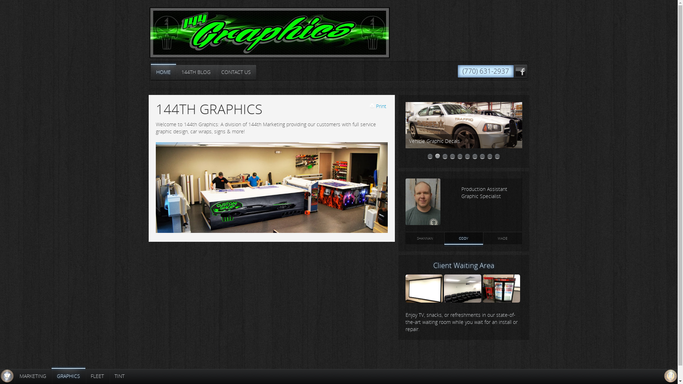 This screenshot has width=683, height=384. What do you see at coordinates (485, 71) in the screenshot?
I see `'(770) 631-2937'` at bounding box center [485, 71].